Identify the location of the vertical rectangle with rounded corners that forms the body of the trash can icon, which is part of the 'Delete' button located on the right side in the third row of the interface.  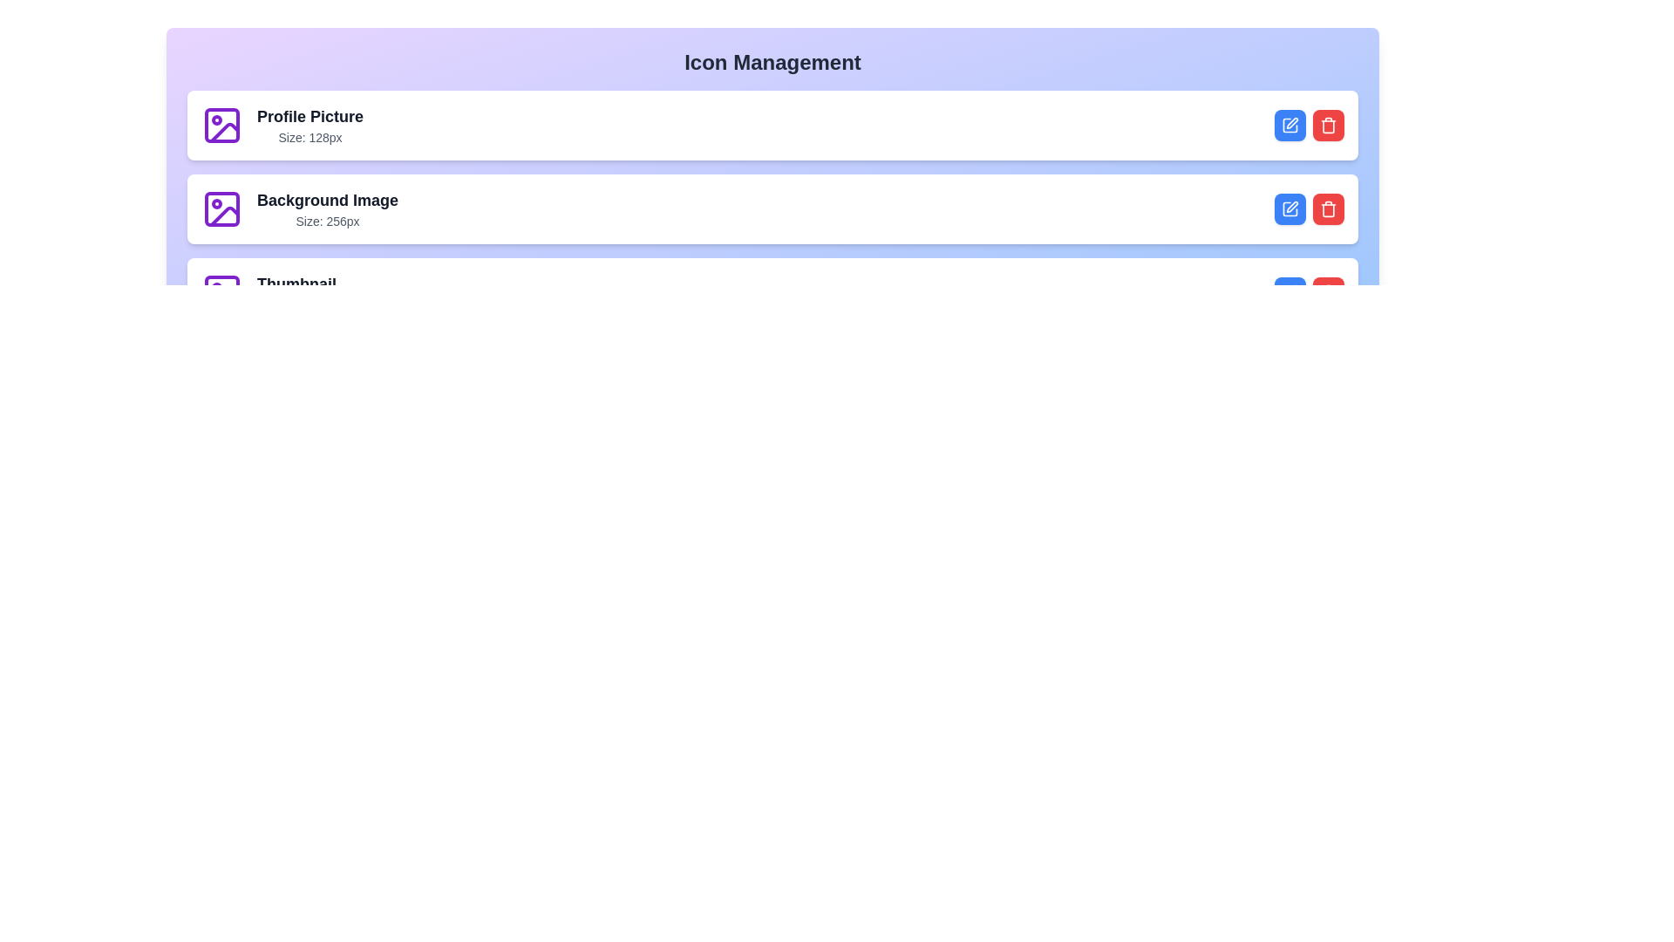
(1327, 292).